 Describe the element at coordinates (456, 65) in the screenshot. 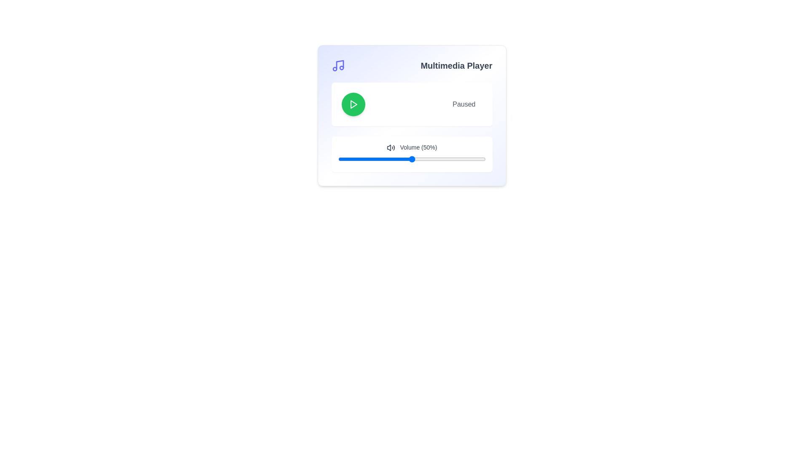

I see `the text label located in the upper-right corner of the multimedia player, which serves as a header for the section` at that location.